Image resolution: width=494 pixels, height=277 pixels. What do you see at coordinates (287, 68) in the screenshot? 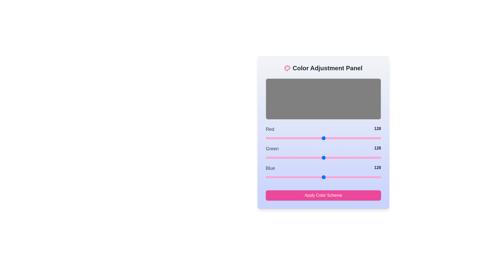
I see `the header icon to open additional options` at bounding box center [287, 68].